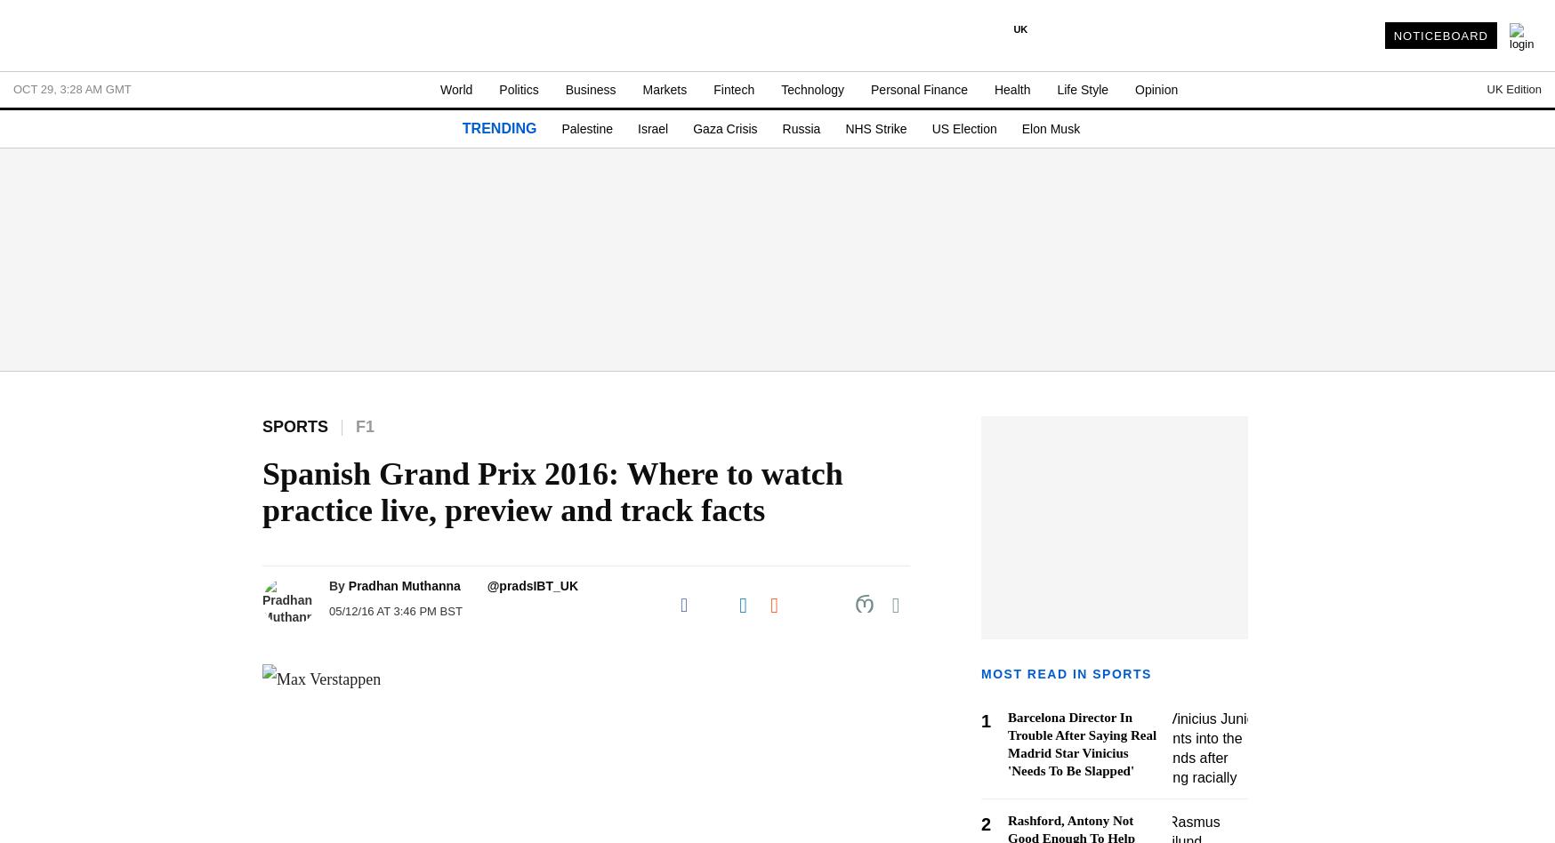  Describe the element at coordinates (41, 787) in the screenshot. I see `'- Forex'` at that location.